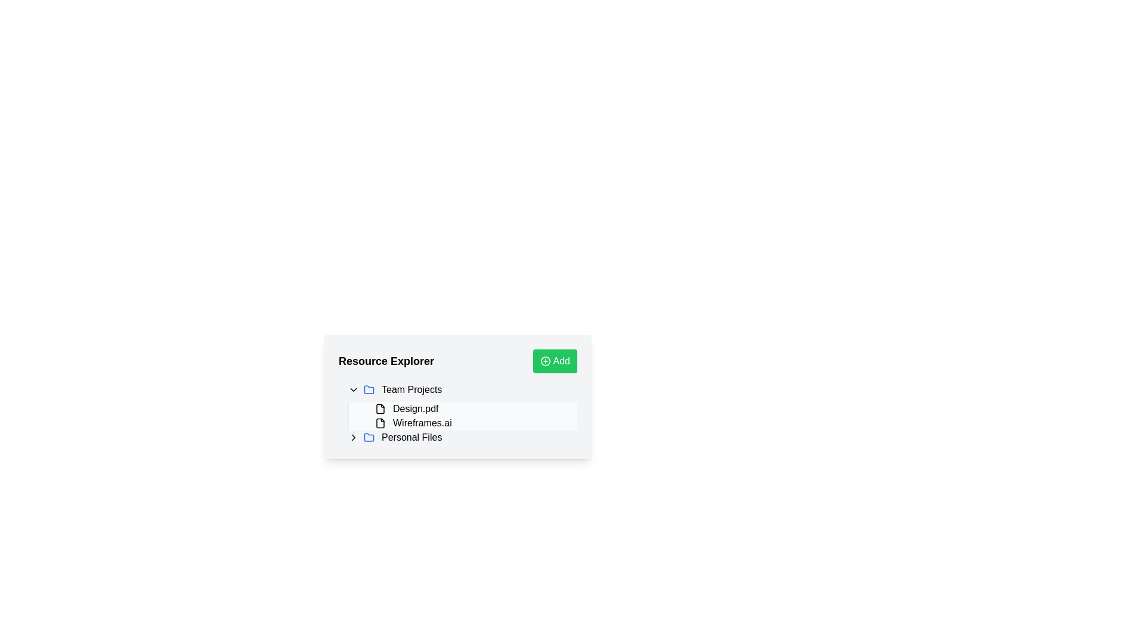 The height and width of the screenshot is (644, 1145). I want to click on the right-pointing chevron icon located in the rightmost region of the 'Personal Files' folder entry in the Resource Explorer, so click(353, 437).